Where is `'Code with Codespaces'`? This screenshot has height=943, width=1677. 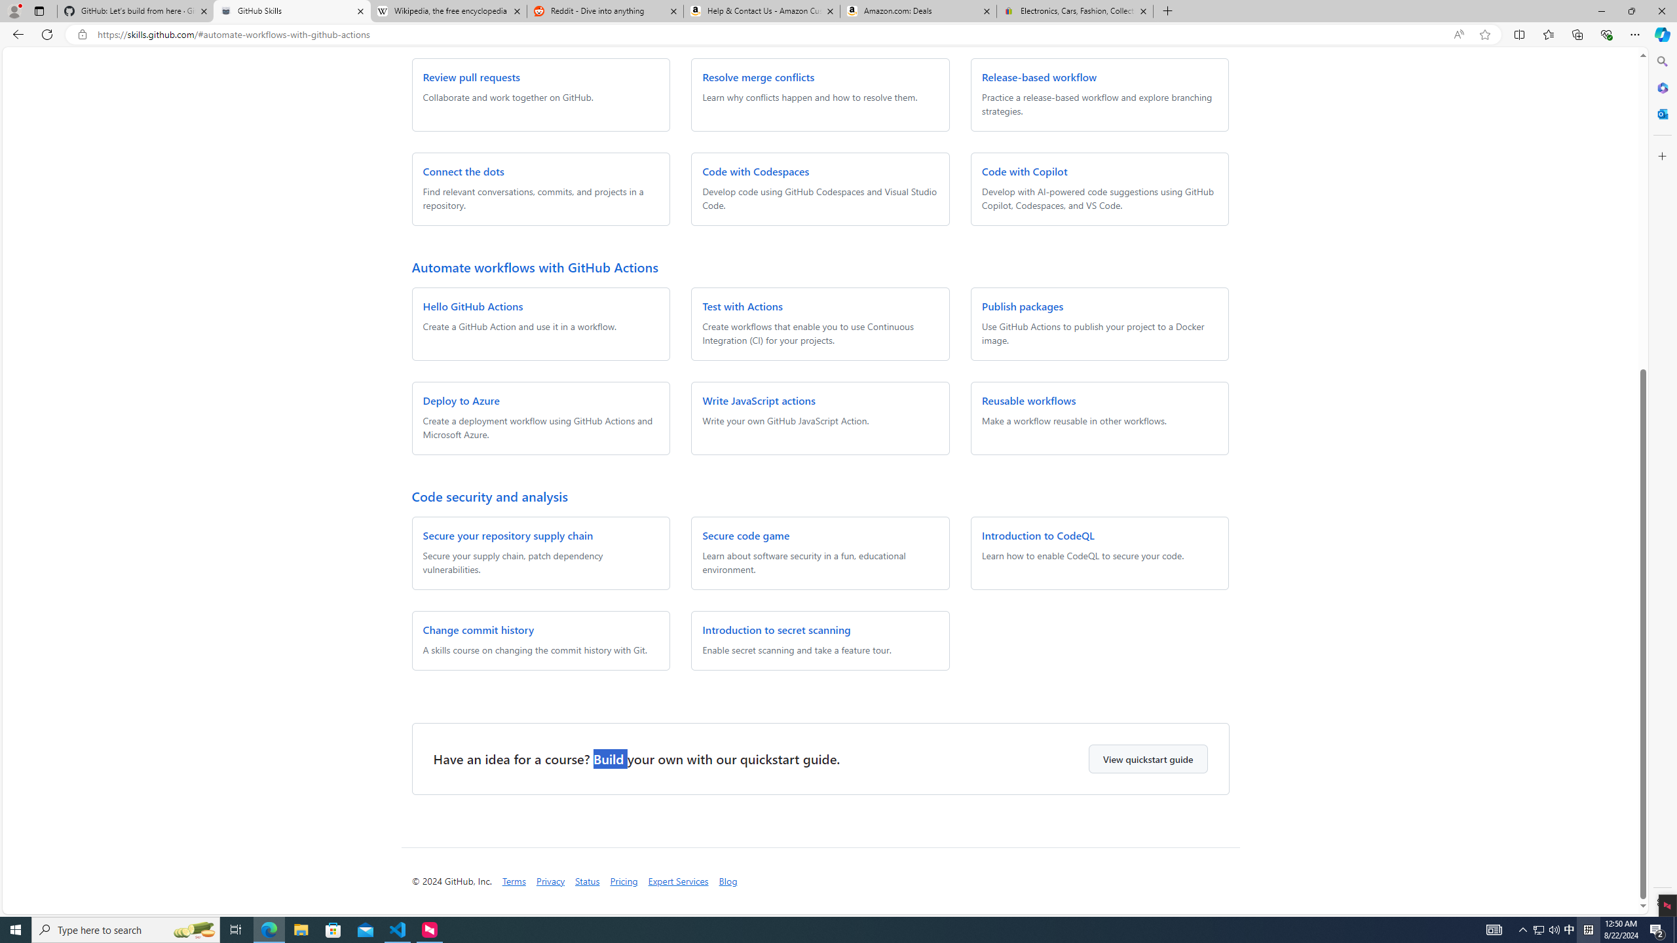
'Code with Codespaces' is located at coordinates (755, 170).